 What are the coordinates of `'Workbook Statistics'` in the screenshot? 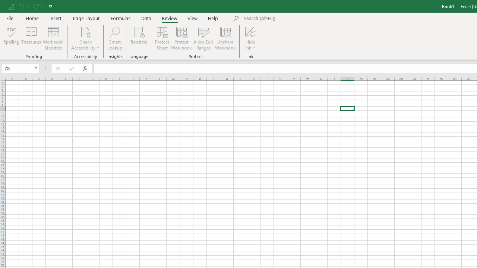 It's located at (53, 38).